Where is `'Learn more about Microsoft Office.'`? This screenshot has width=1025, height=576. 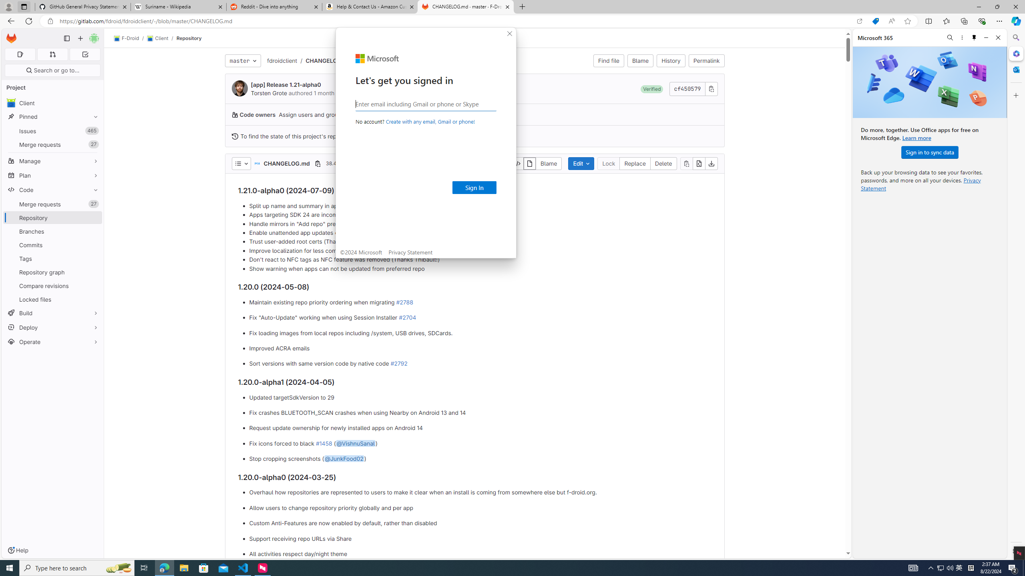 'Learn more about Microsoft Office.' is located at coordinates (916, 138).